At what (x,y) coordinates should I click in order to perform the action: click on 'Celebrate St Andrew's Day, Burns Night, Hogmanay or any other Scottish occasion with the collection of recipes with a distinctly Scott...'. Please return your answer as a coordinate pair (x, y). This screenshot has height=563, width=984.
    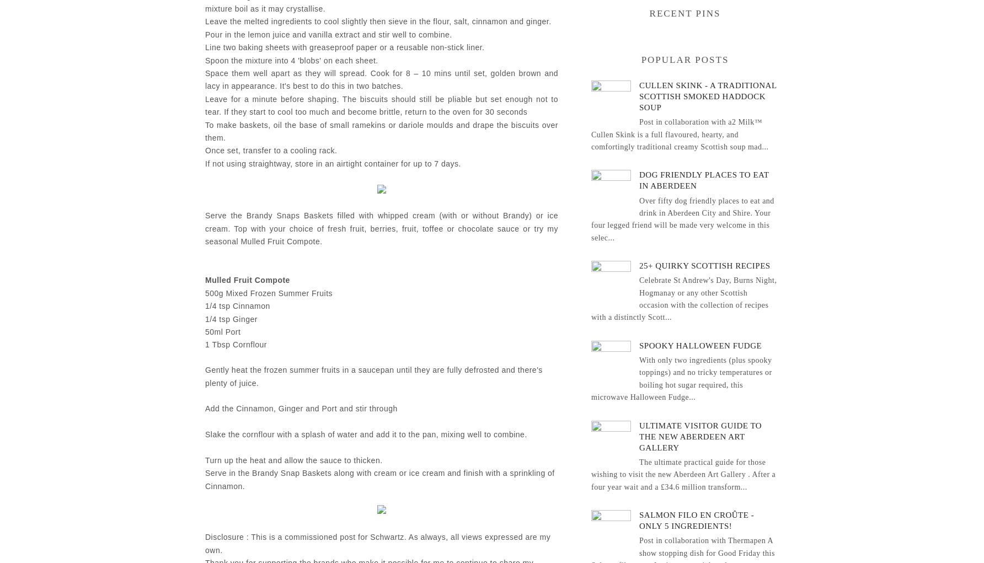
    Looking at the image, I should click on (683, 299).